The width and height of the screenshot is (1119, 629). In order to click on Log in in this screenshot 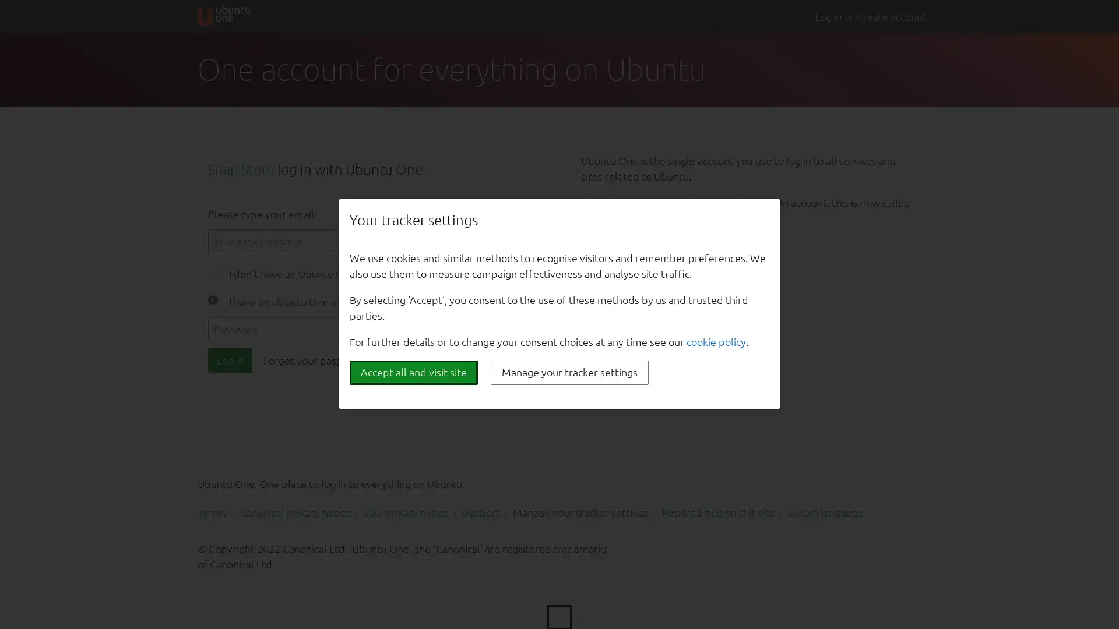, I will do `click(230, 359)`.